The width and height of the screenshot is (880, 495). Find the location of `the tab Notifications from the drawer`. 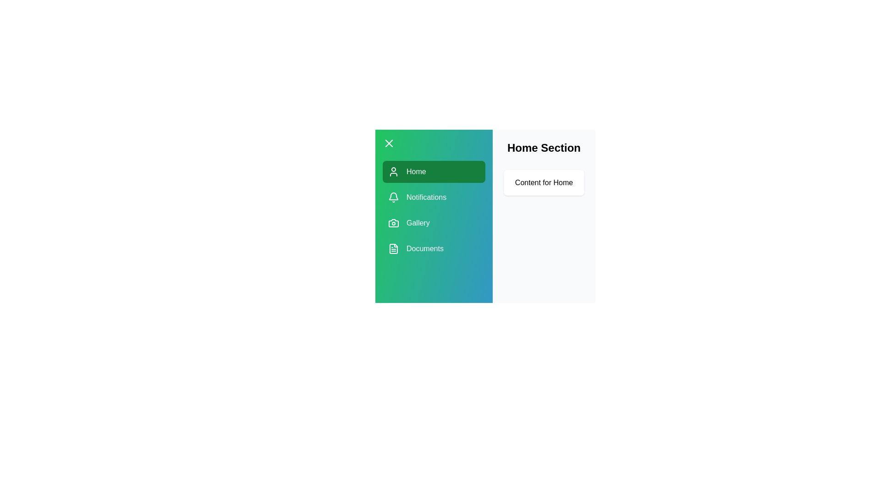

the tab Notifications from the drawer is located at coordinates (433, 197).